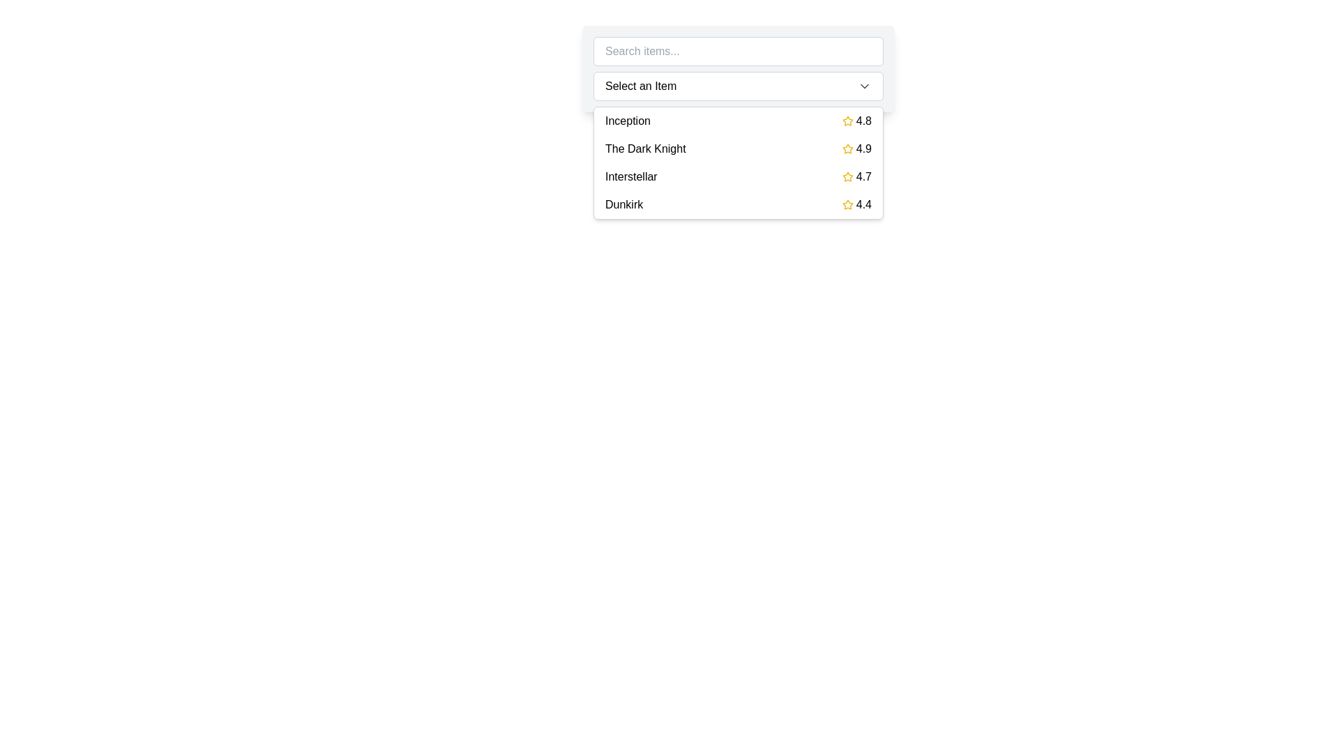 The height and width of the screenshot is (753, 1339). I want to click on the high rating icon for 'The Dark Knight', so click(847, 149).